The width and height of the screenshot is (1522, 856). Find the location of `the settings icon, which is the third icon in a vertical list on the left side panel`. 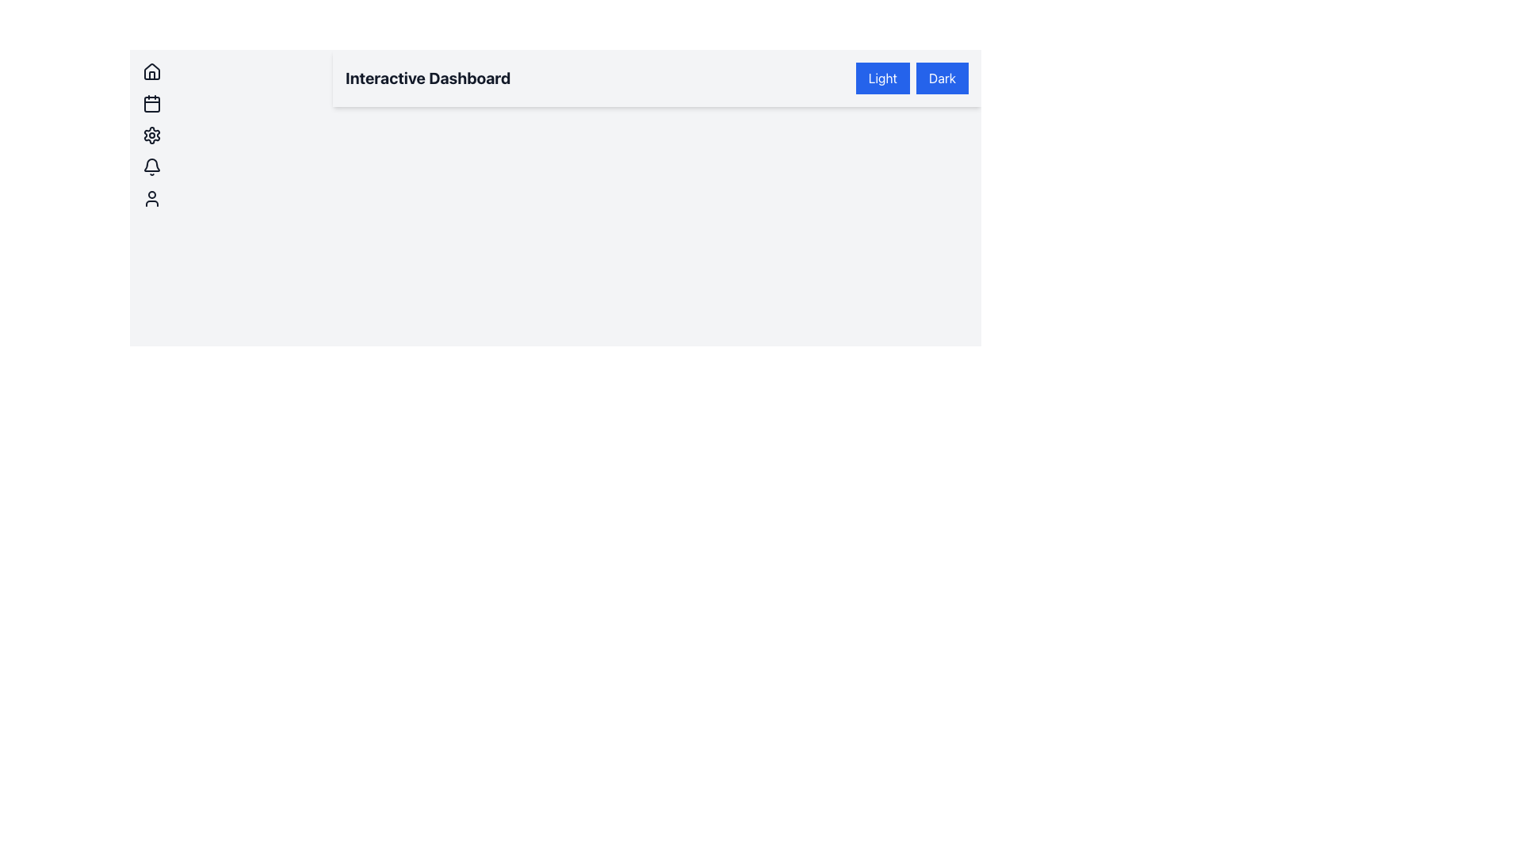

the settings icon, which is the third icon in a vertical list on the left side panel is located at coordinates (152, 134).